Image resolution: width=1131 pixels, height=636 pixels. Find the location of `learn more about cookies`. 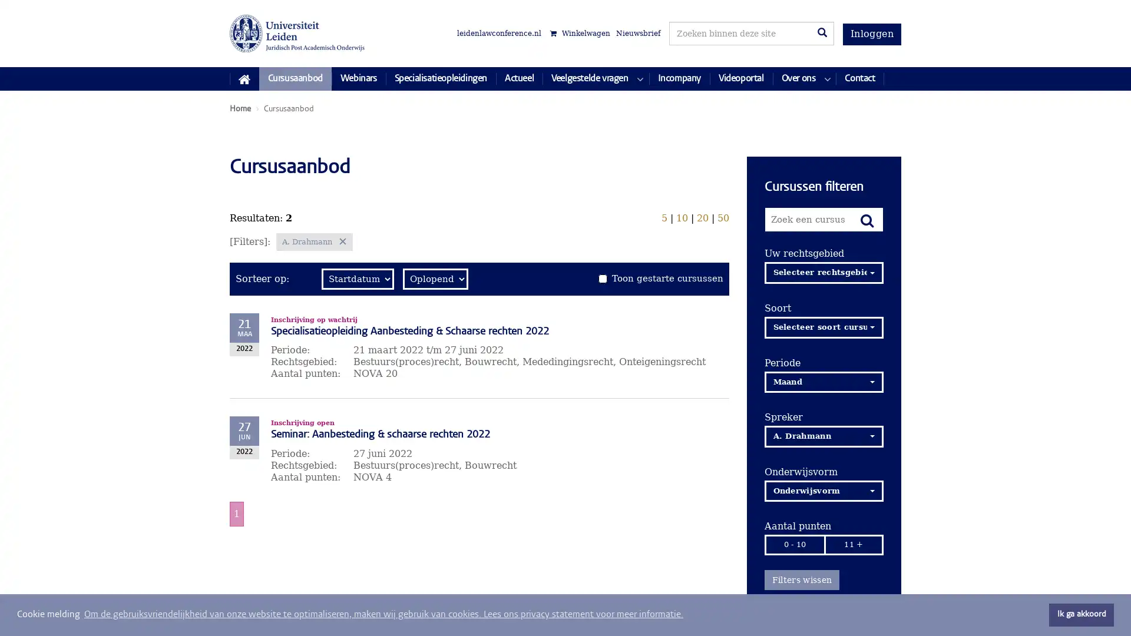

learn more about cookies is located at coordinates (383, 614).